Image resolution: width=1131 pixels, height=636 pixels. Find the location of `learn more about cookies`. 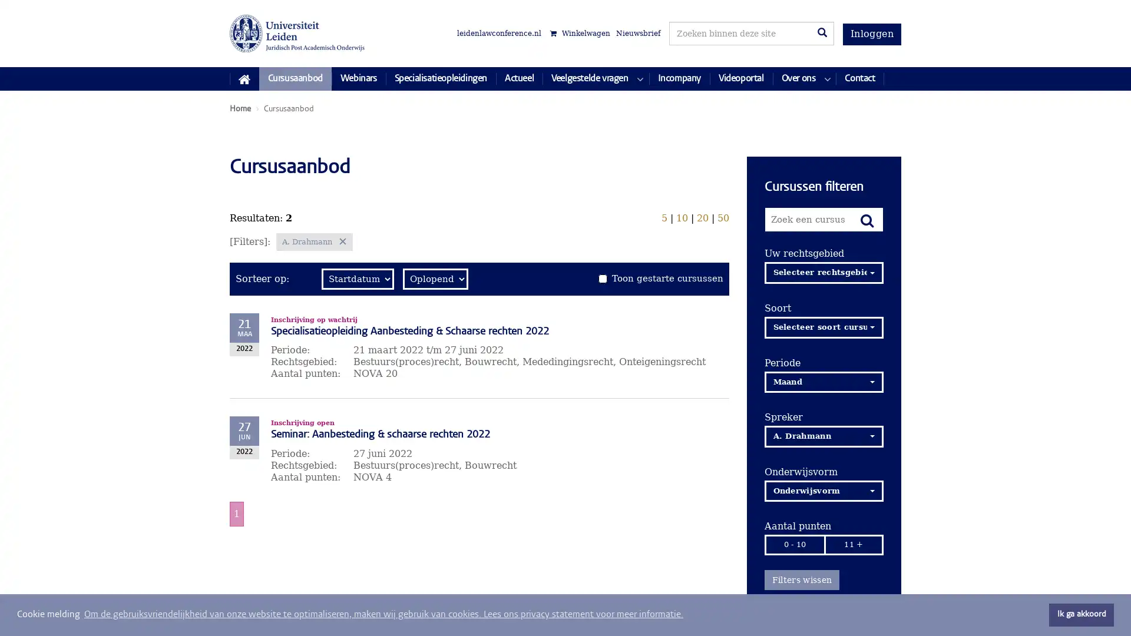

learn more about cookies is located at coordinates (383, 614).